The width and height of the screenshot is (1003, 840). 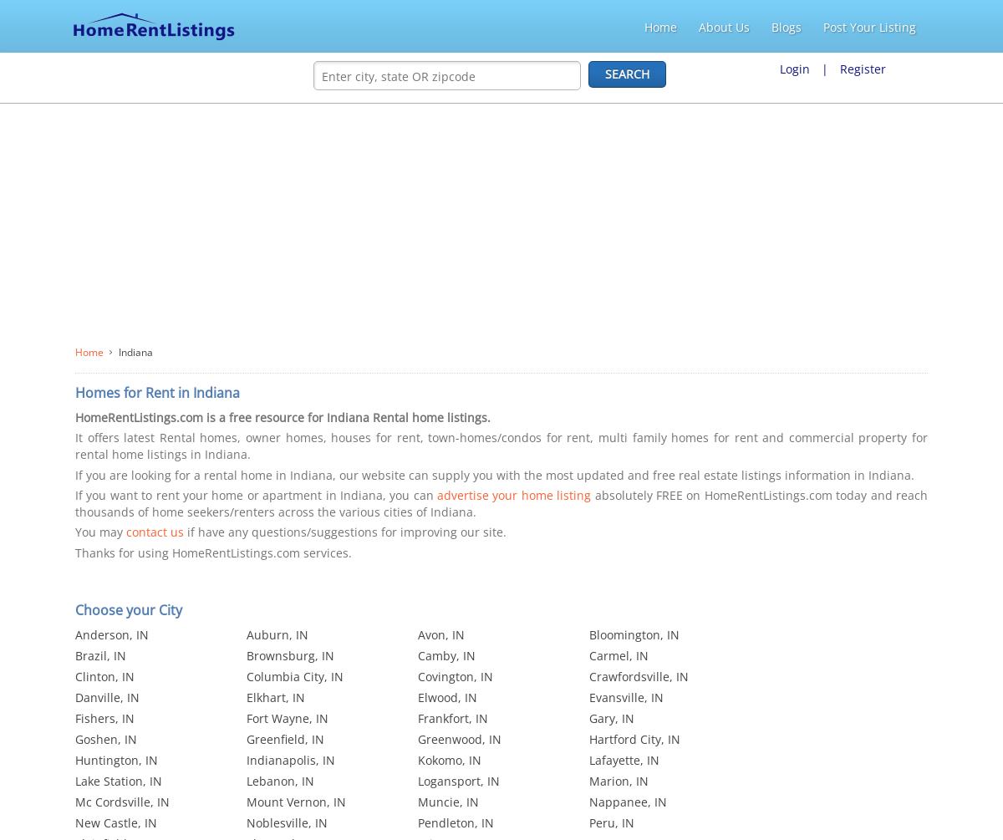 I want to click on 'It offers latest Rental homes, owner homes, houses for rent, town-homes/condos for rent, multi family homes for rent and commercial property for rental home listings in Indiana.', so click(x=501, y=444).